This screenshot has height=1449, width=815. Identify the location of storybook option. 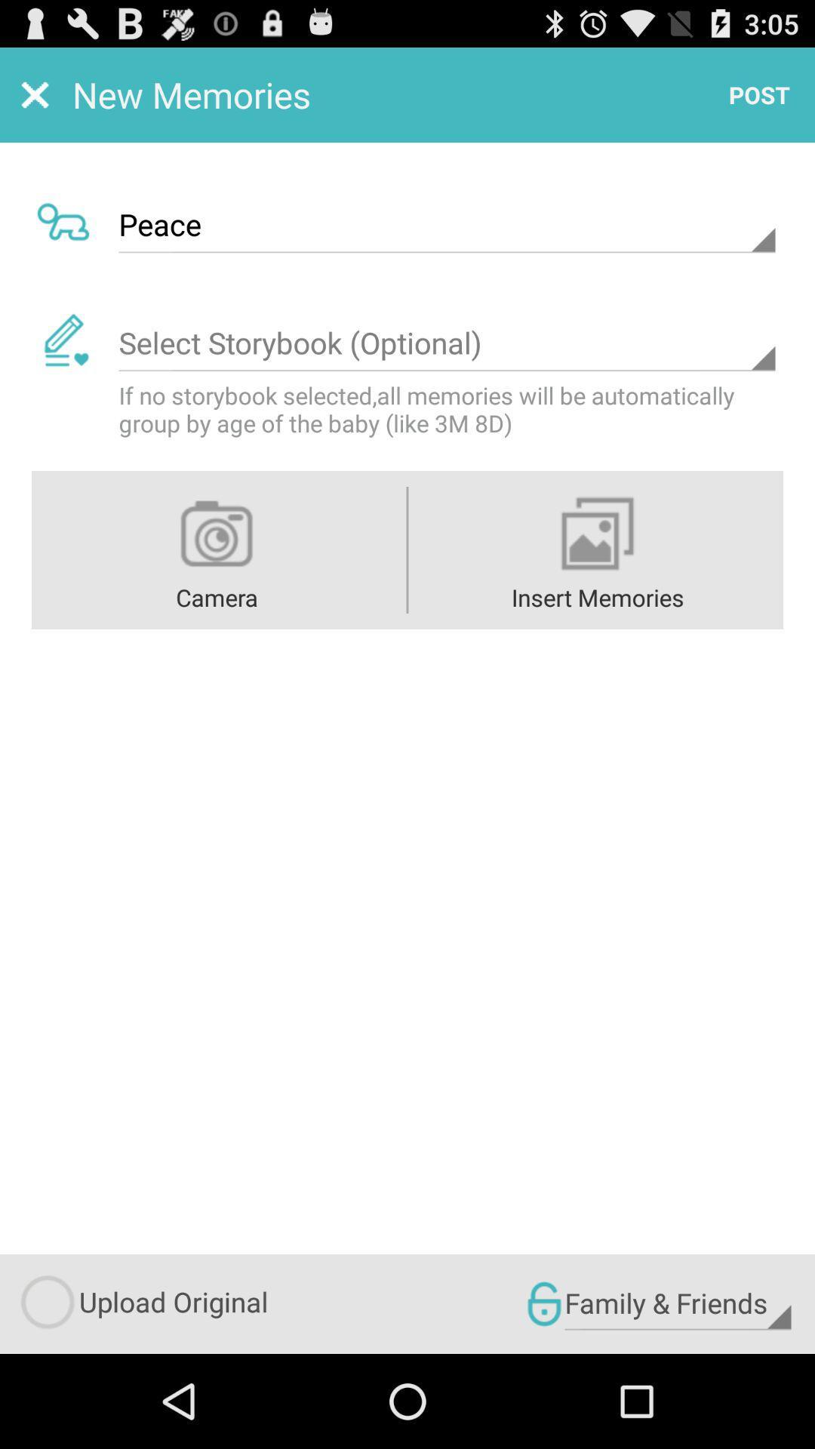
(446, 343).